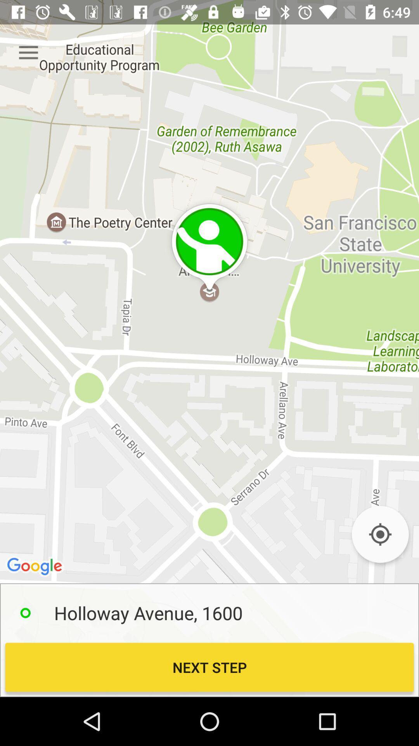 This screenshot has width=419, height=746. What do you see at coordinates (380, 534) in the screenshot?
I see `the icon above the holloway avenue, 1600 item` at bounding box center [380, 534].